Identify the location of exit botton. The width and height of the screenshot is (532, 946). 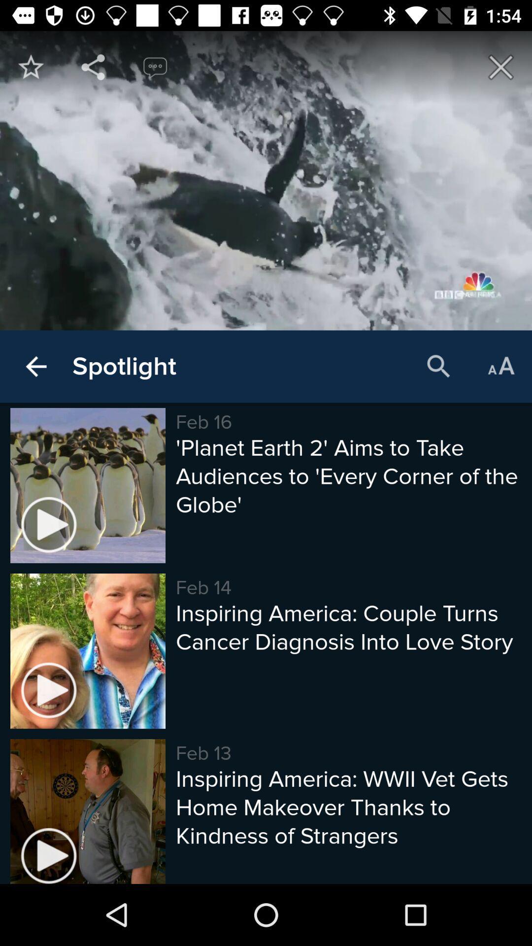
(501, 67).